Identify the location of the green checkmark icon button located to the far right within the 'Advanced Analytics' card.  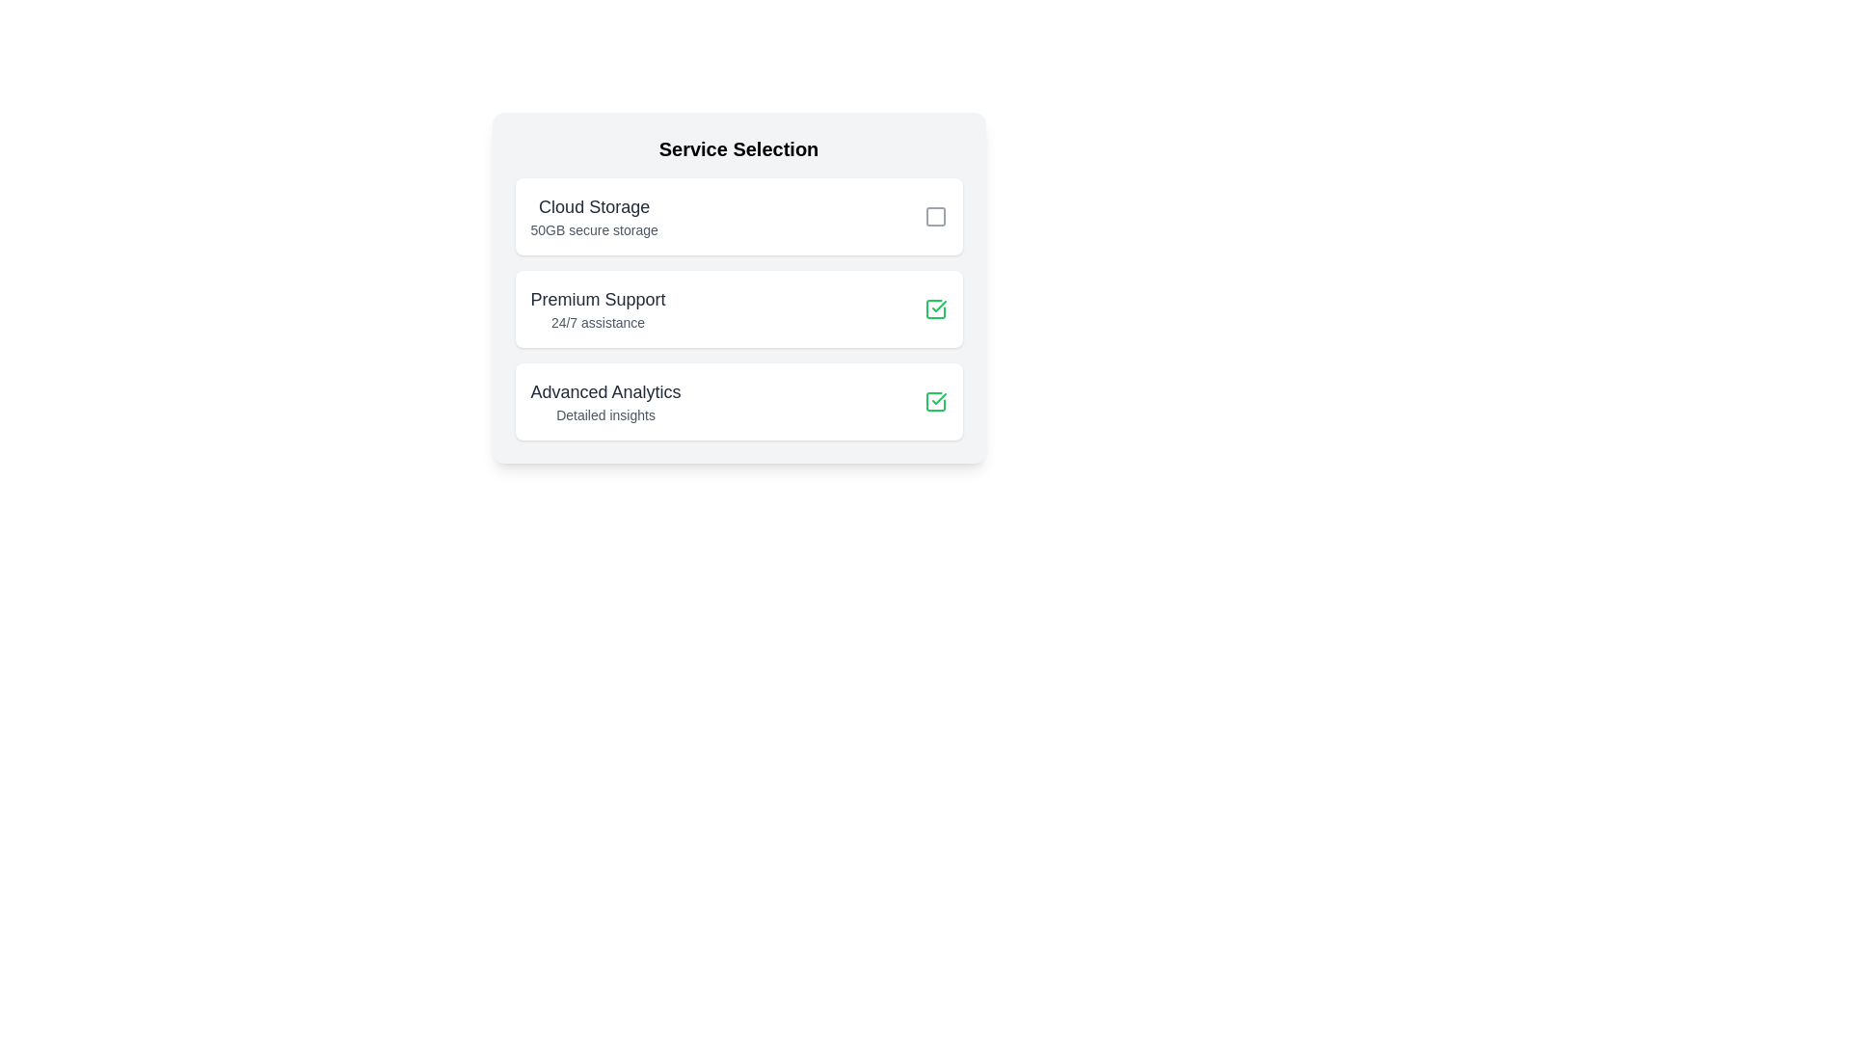
(935, 400).